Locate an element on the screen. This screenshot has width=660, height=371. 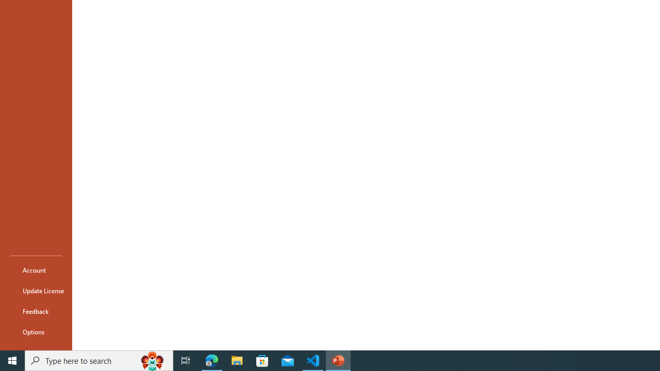
'Update License' is located at coordinates (36, 291).